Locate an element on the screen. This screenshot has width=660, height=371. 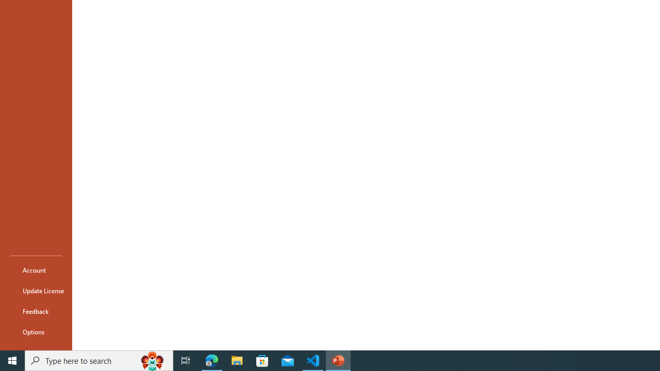
'Update License' is located at coordinates (36, 291).